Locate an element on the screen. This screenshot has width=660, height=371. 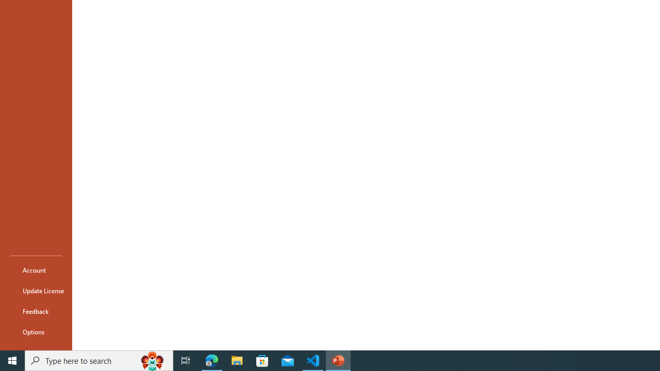
'Update License' is located at coordinates (36, 291).